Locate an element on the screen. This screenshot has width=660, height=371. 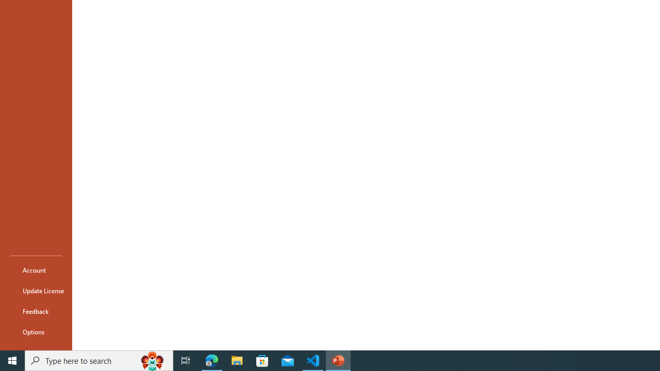
'Update License' is located at coordinates (36, 291).